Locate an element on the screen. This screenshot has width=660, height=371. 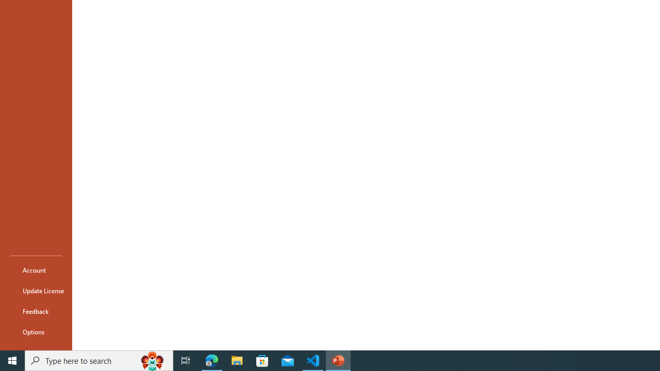
'Update License' is located at coordinates (36, 291).